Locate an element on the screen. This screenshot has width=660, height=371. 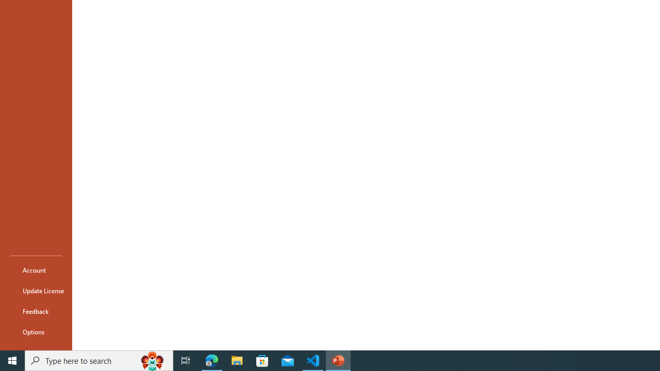
'Update License' is located at coordinates (36, 291).